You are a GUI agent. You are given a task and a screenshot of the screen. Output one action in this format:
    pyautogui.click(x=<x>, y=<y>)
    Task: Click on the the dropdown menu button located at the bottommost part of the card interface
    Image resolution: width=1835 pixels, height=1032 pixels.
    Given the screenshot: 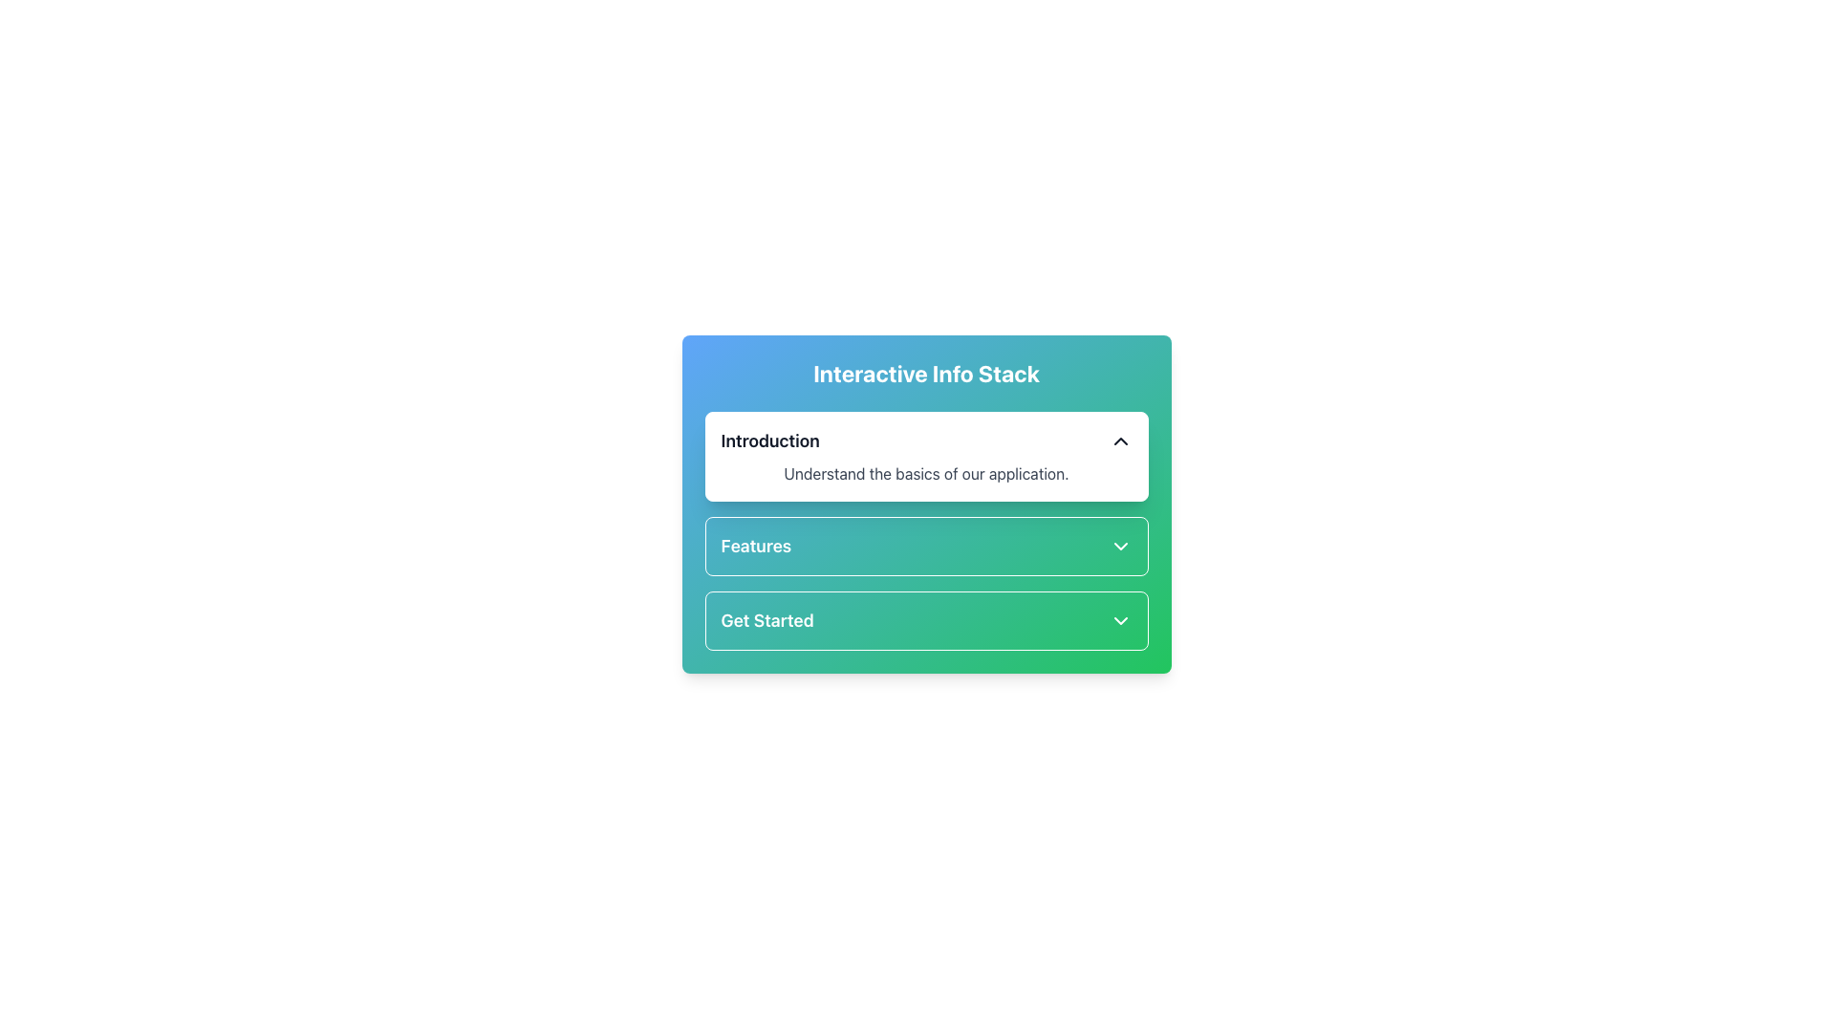 What is the action you would take?
    pyautogui.click(x=926, y=621)
    